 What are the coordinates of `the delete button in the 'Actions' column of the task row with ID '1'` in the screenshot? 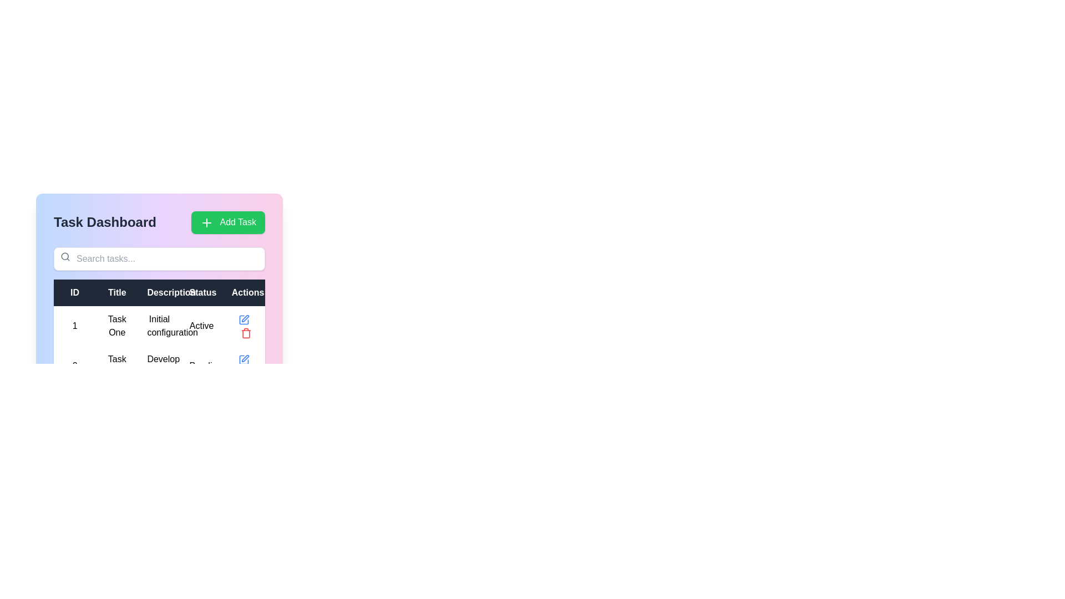 It's located at (245, 332).